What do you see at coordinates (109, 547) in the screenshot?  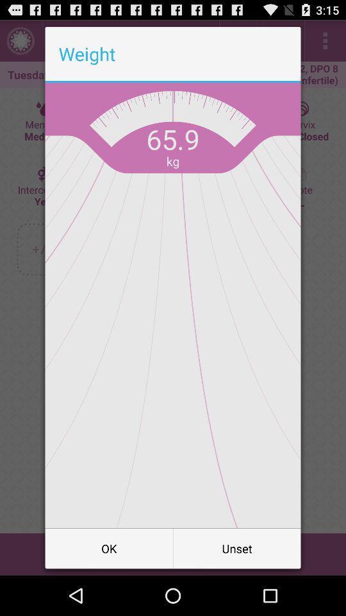 I see `button to the left of unset item` at bounding box center [109, 547].